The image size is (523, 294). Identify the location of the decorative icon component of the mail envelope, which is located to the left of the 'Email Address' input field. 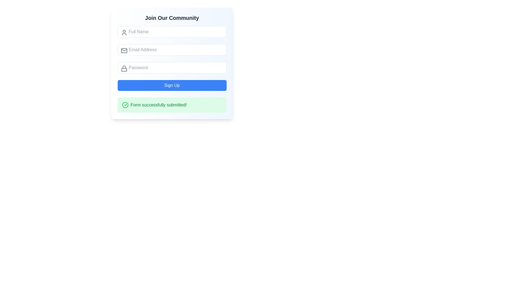
(124, 50).